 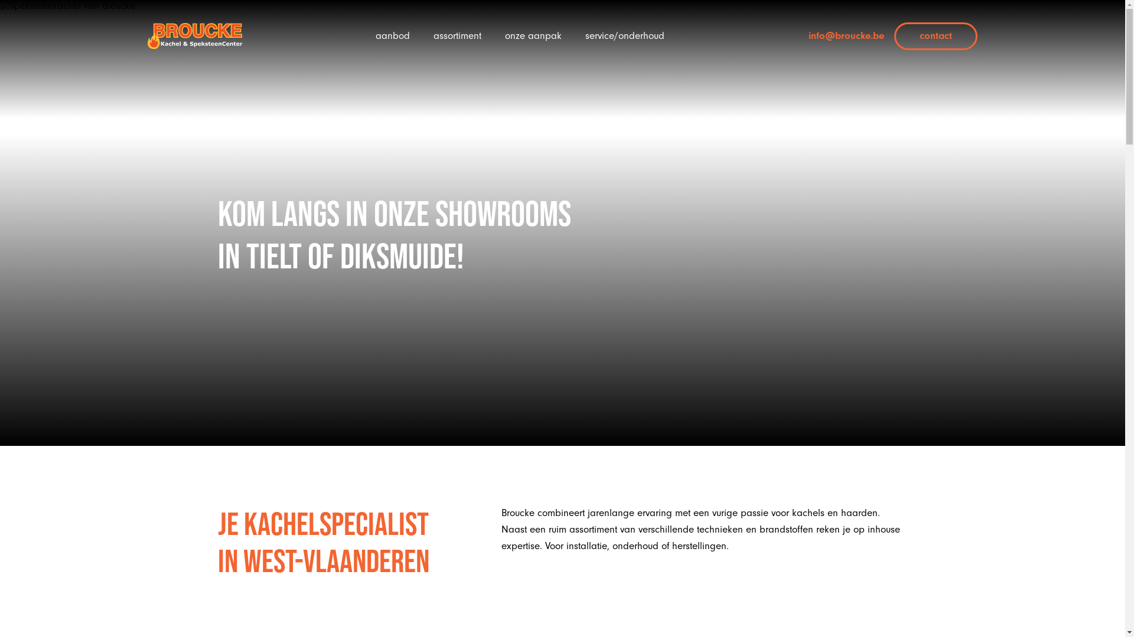 I want to click on 'service/onderhoud', so click(x=624, y=35).